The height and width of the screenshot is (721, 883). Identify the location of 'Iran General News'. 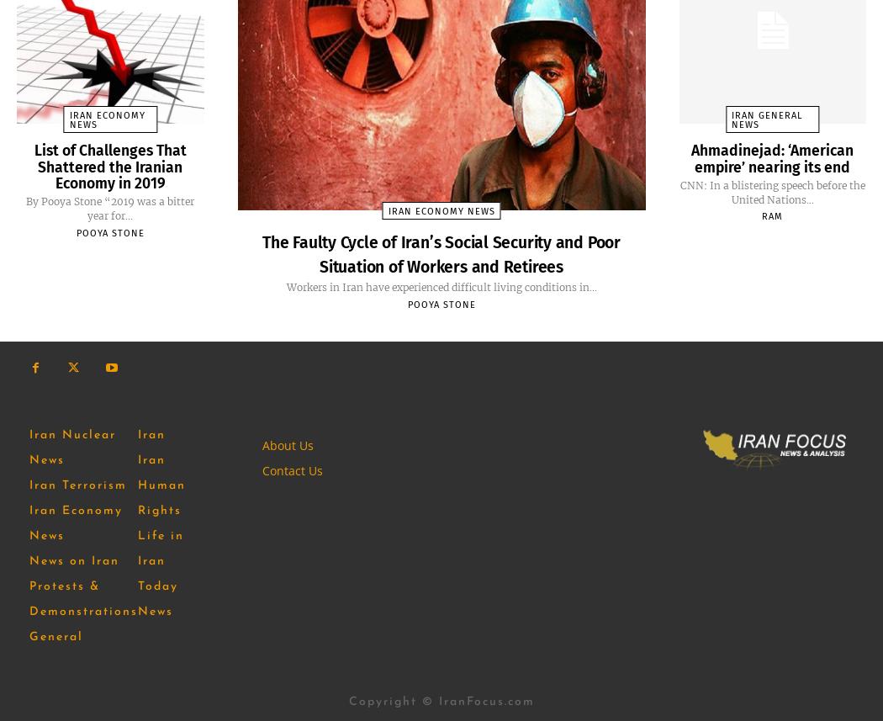
(767, 119).